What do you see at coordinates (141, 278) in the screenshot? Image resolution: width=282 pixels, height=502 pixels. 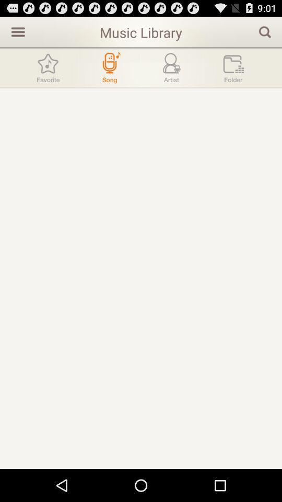 I see `the item at the center` at bounding box center [141, 278].